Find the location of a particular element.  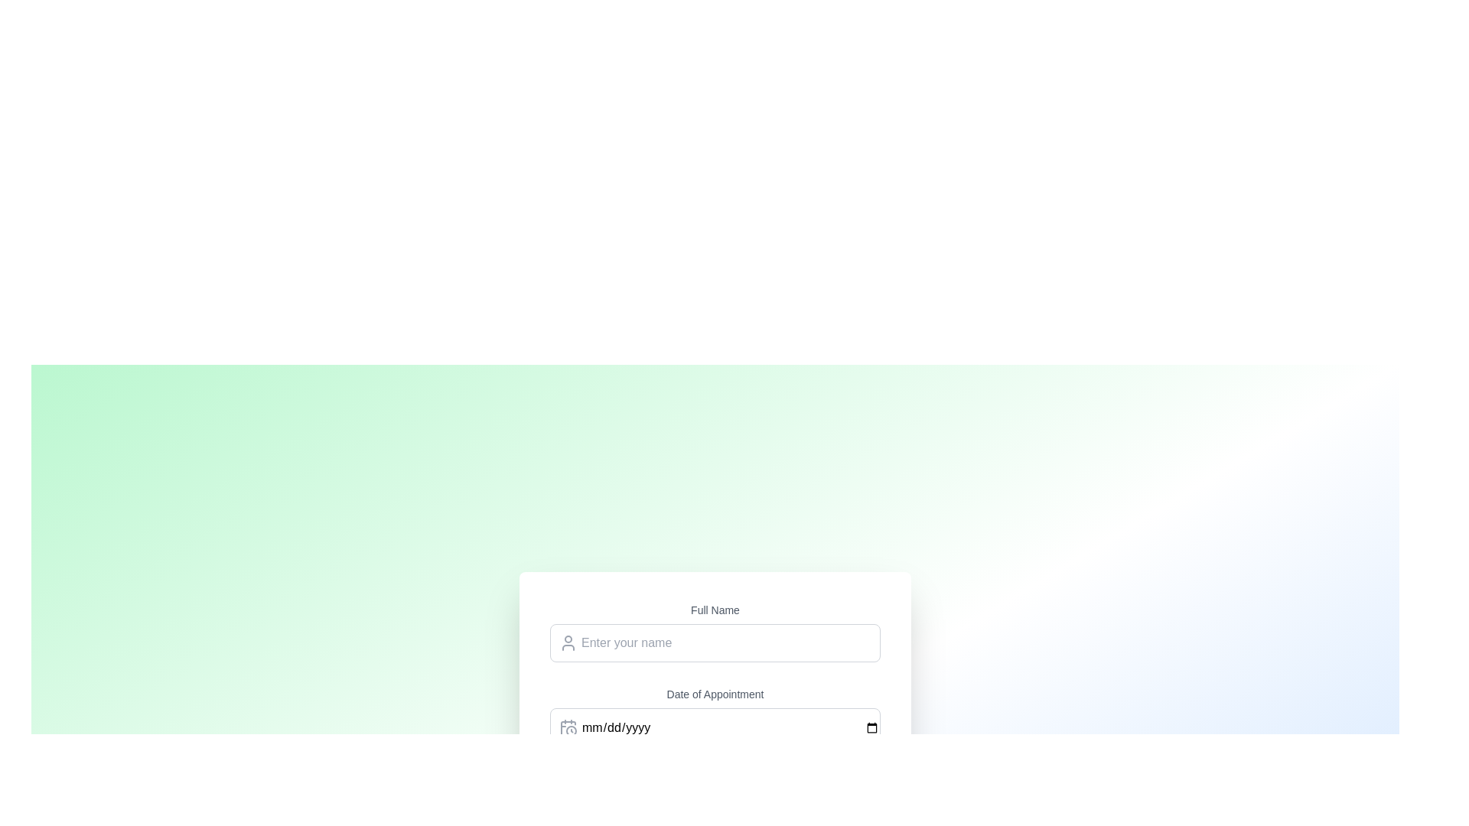

the date-picker icon (calendar with clock overlay) located inside the input box for 'Date of Appointment' to open the date selection interface is located at coordinates (568, 727).